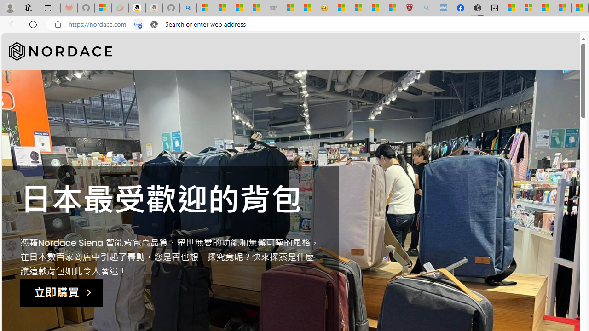  What do you see at coordinates (256, 8) in the screenshot?
I see `'Stocks - MSN'` at bounding box center [256, 8].